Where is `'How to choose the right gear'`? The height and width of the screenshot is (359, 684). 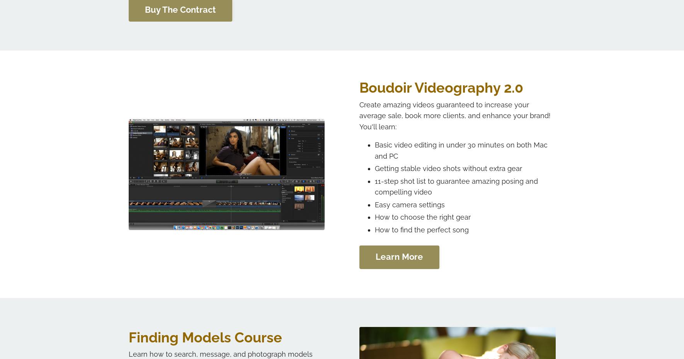 'How to choose the right gear' is located at coordinates (423, 217).